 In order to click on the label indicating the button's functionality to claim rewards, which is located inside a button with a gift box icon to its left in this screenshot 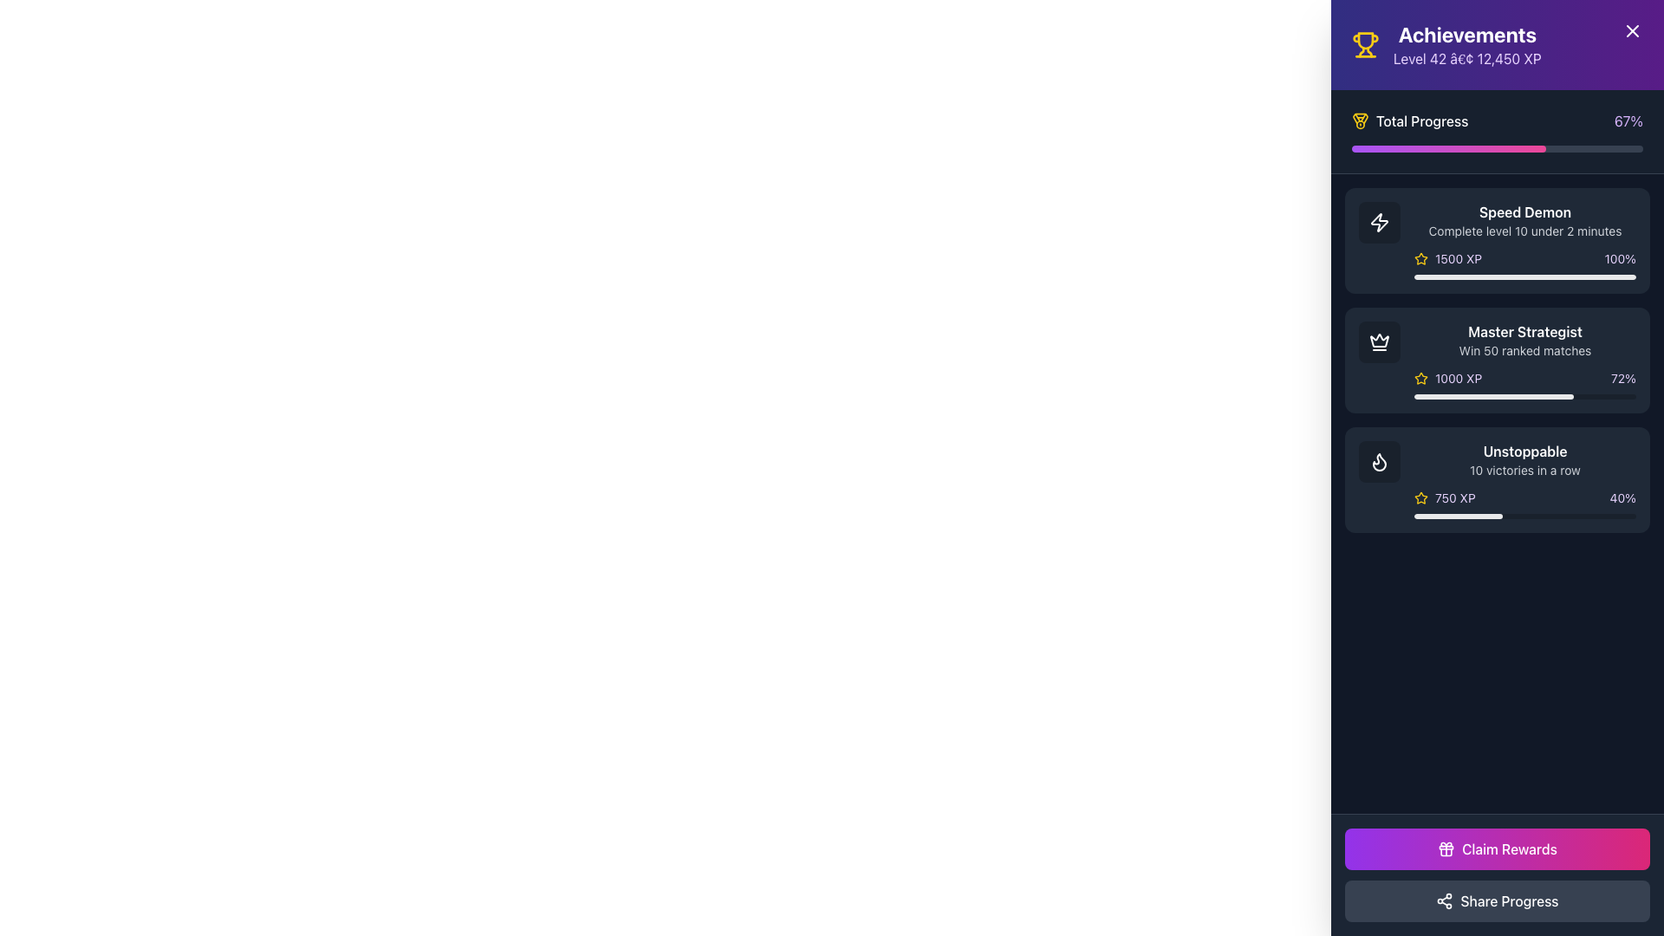, I will do `click(1509, 848)`.